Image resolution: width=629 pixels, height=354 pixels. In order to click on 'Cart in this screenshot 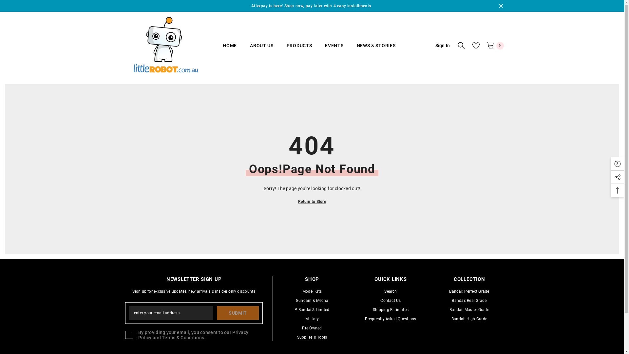, I will do `click(495, 45)`.